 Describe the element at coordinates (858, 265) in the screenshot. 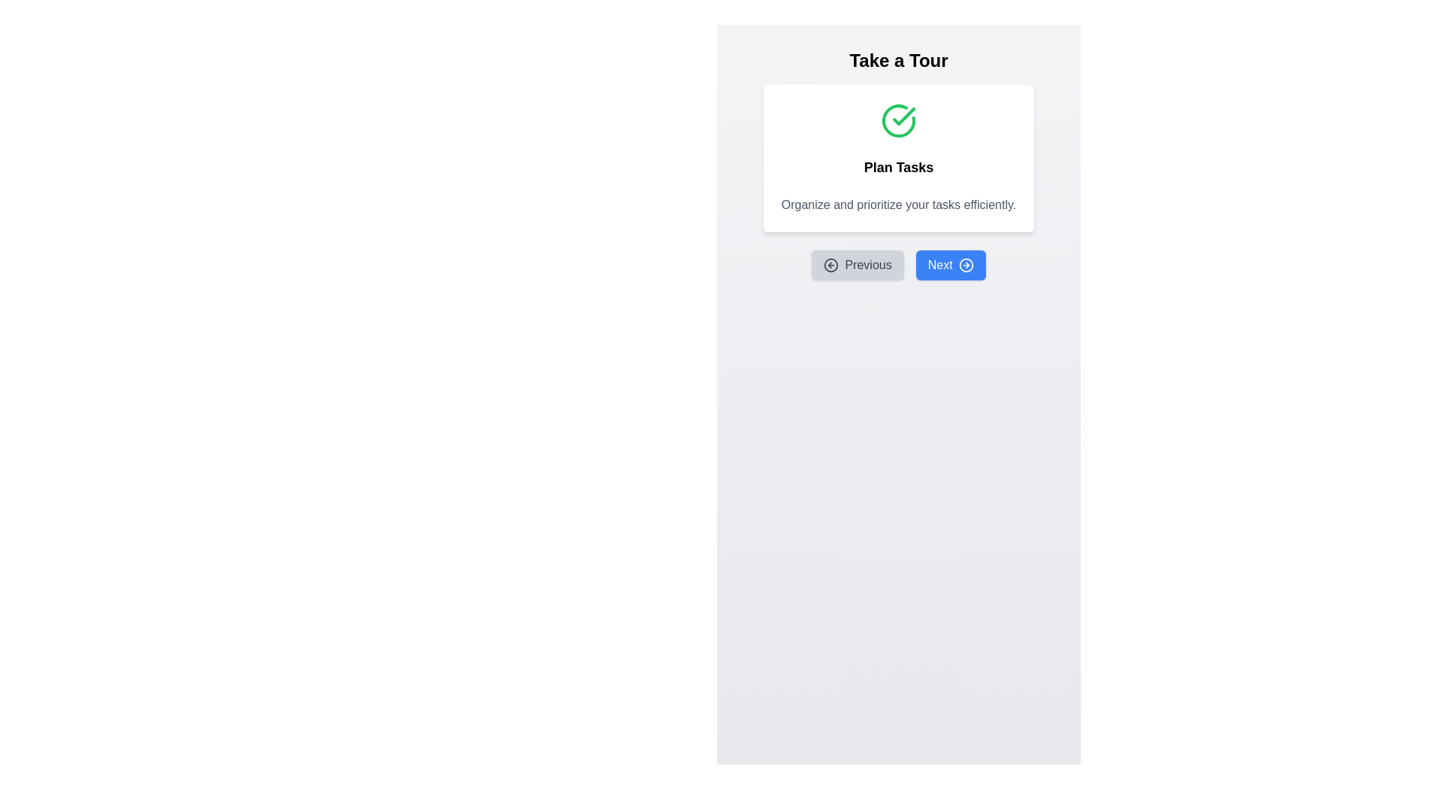

I see `the 'Previous' button, which is a rectangular button with a light gray background and dark-gray text, located below the 'Plan Tasks' section and to the left of the 'Next' button` at that location.